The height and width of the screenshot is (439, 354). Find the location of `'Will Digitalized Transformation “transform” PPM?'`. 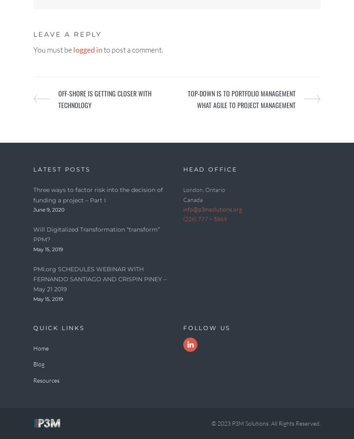

'Will Digitalized Transformation “transform” PPM?' is located at coordinates (33, 234).